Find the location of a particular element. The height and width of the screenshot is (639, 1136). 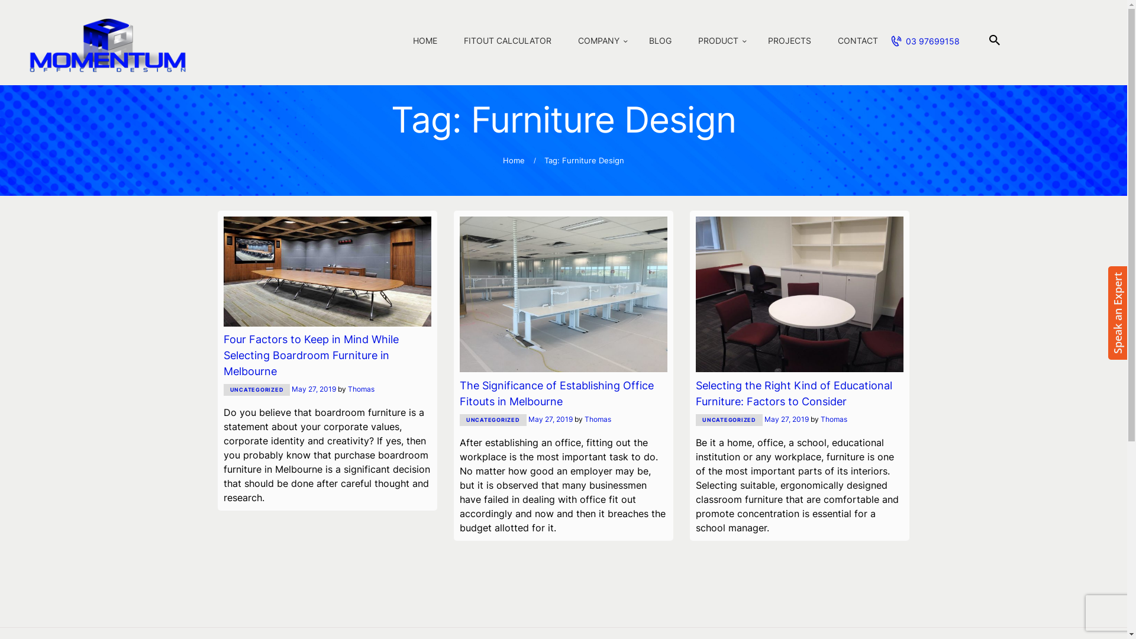

'May 27, 2019' is located at coordinates (314, 389).